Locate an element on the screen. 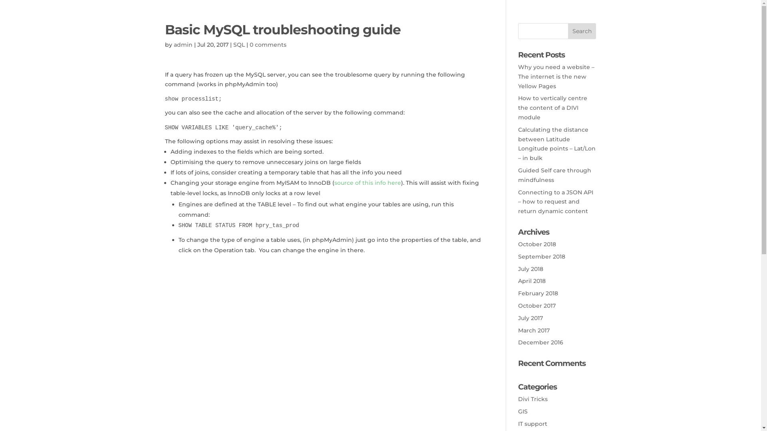  'July 2017' is located at coordinates (531, 318).